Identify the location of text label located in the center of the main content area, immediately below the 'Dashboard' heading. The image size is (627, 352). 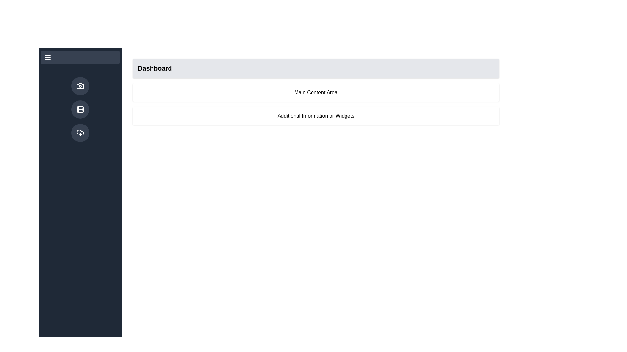
(316, 93).